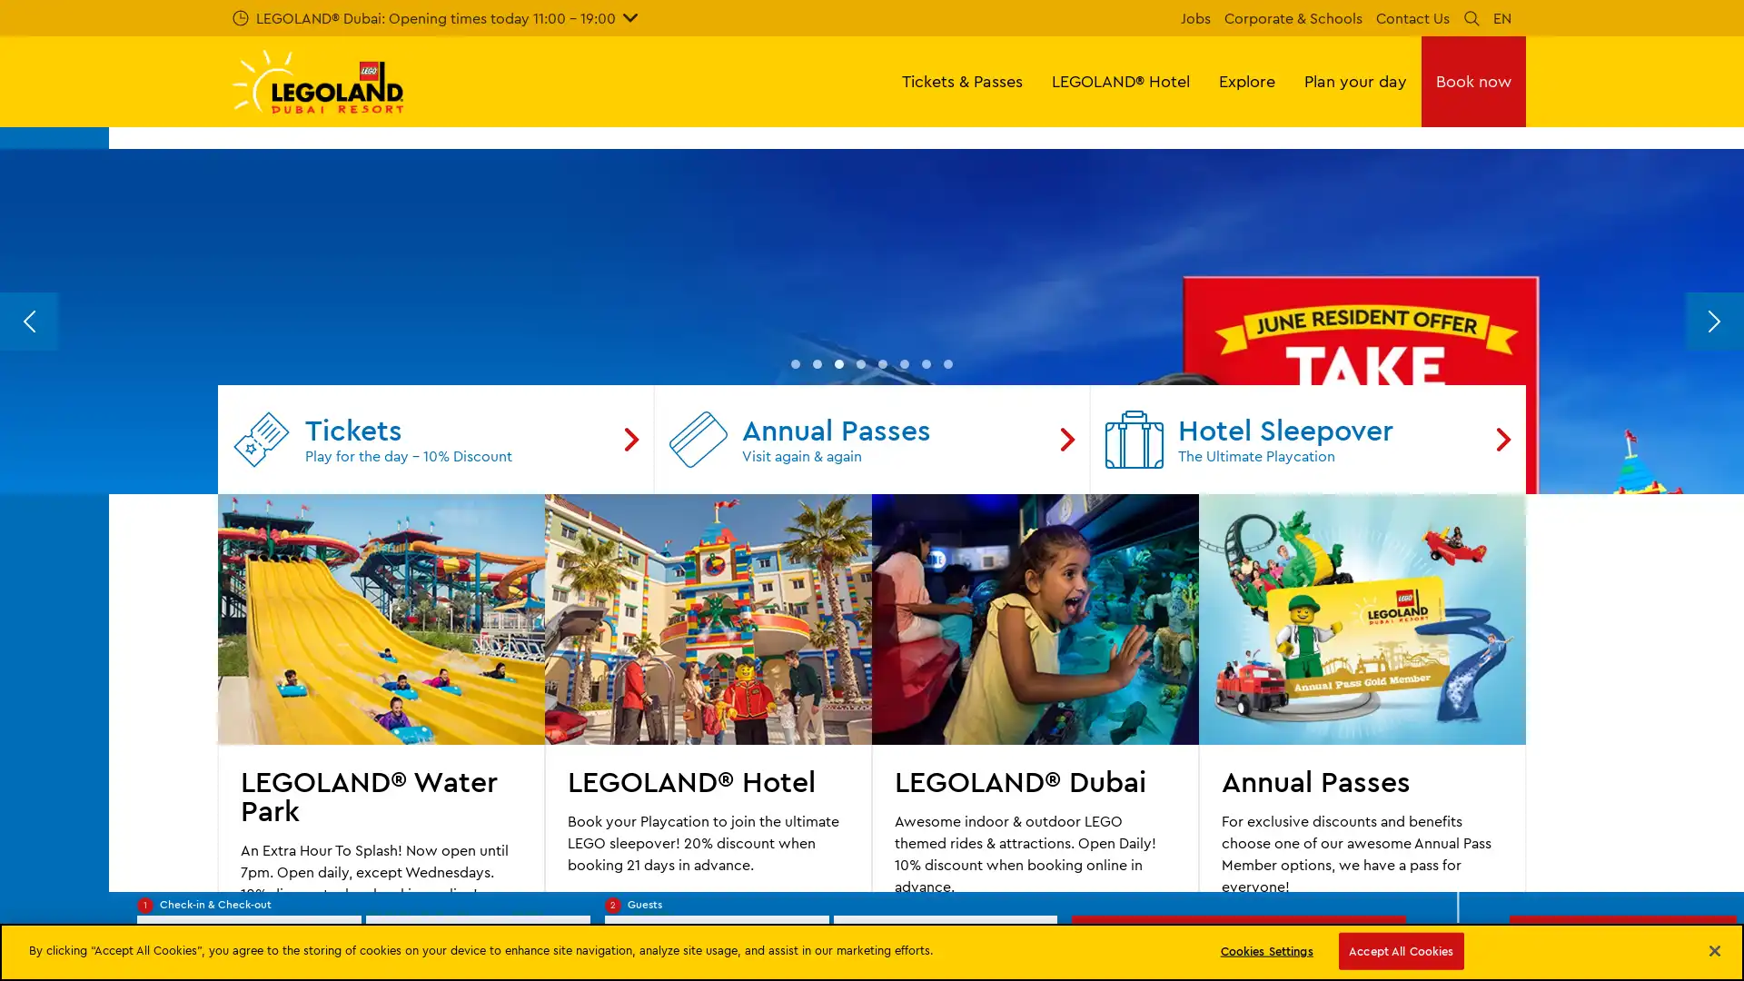  What do you see at coordinates (1265, 949) in the screenshot?
I see `Cookies Settings` at bounding box center [1265, 949].